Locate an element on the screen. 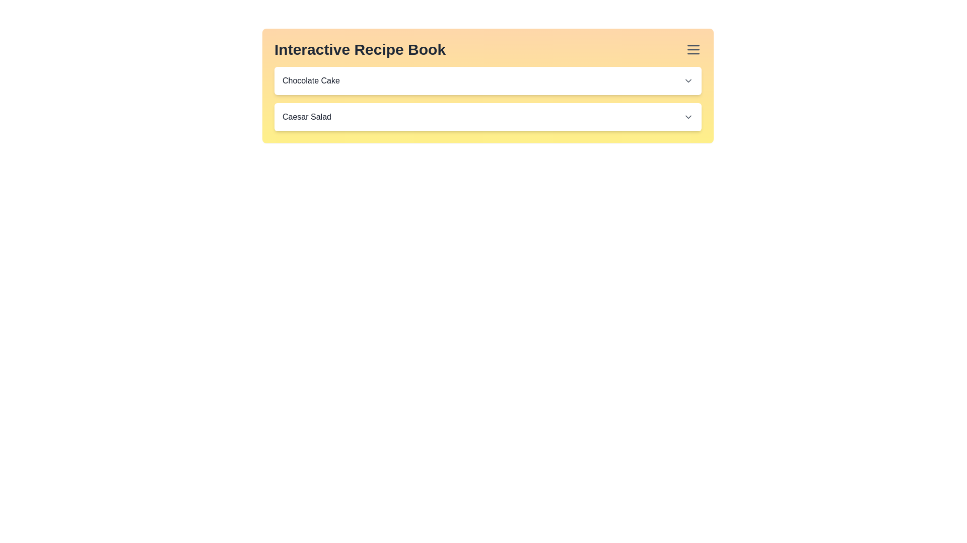  the Menu Icon located at the top-right corner of the interface is located at coordinates (693, 50).